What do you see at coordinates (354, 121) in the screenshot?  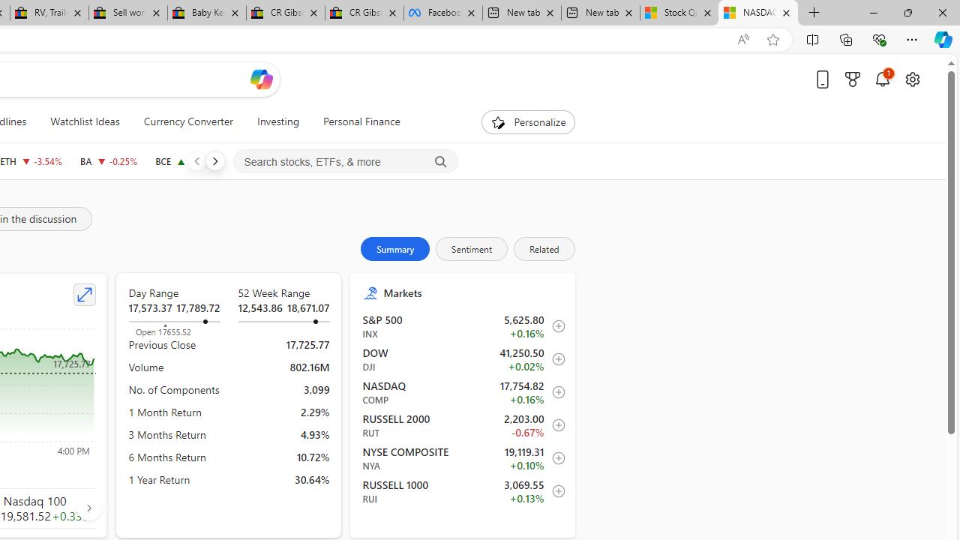 I see `'Personal Finance'` at bounding box center [354, 121].